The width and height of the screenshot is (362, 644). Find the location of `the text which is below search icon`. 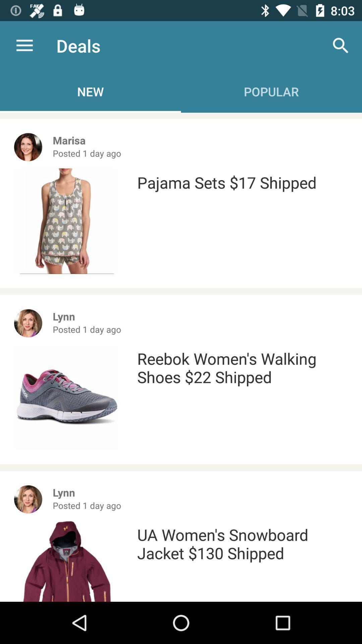

the text which is below search icon is located at coordinates (271, 91).